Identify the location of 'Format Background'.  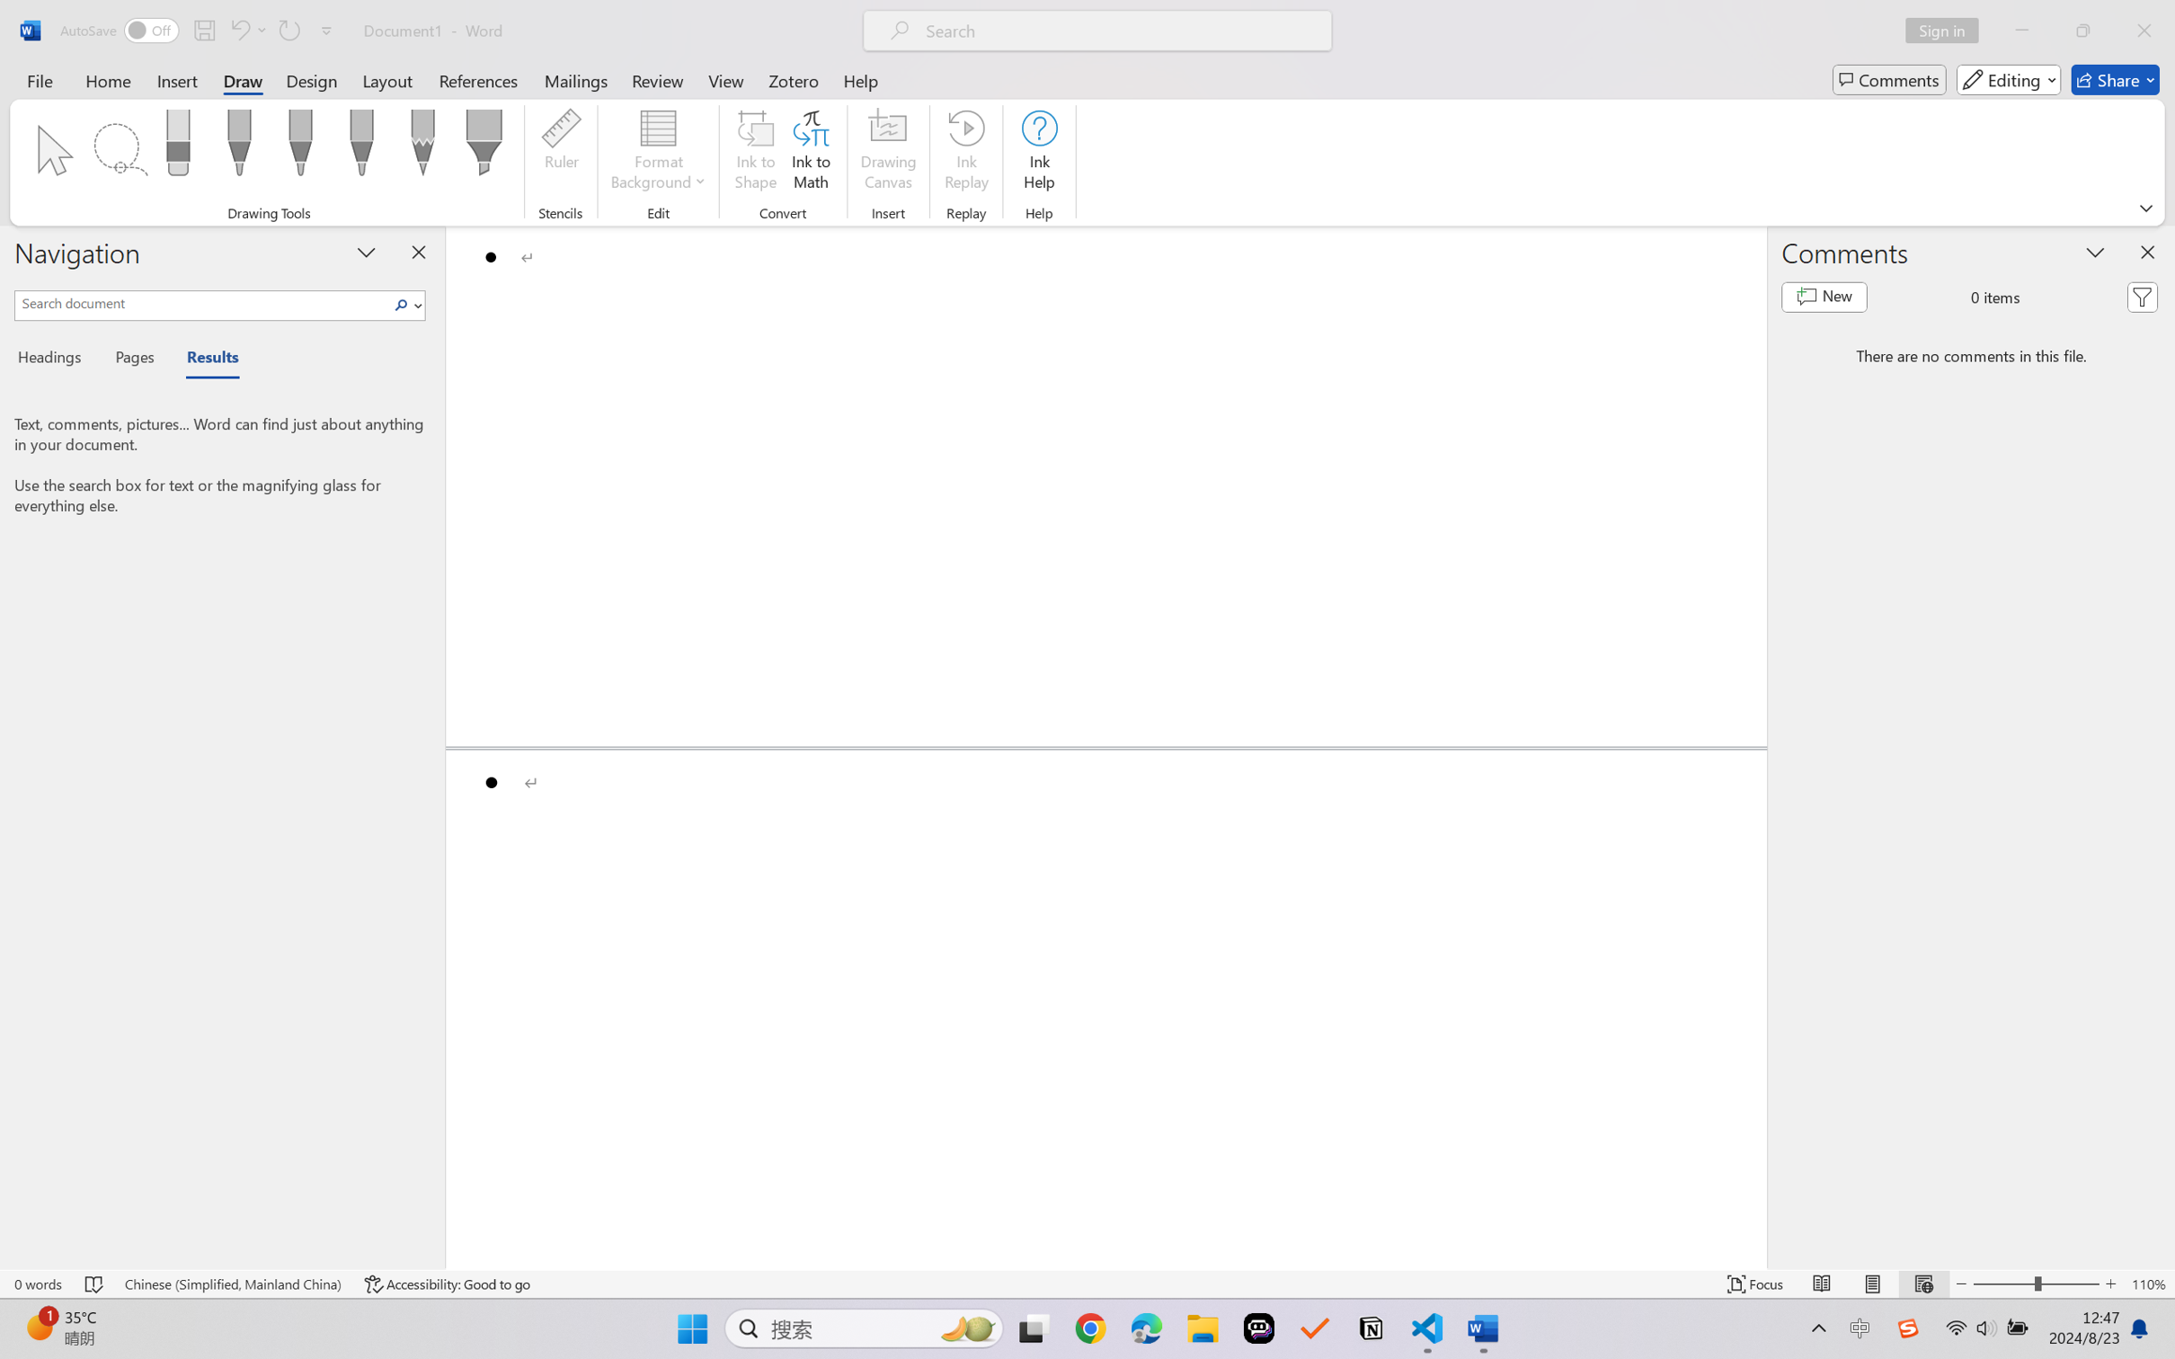
(658, 153).